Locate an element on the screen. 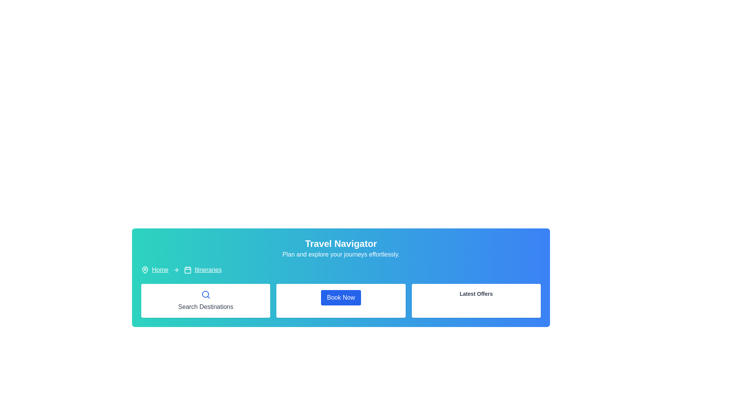 This screenshot has width=739, height=416. the text link located in the top-left portion of the navigation bar is located at coordinates (160, 270).